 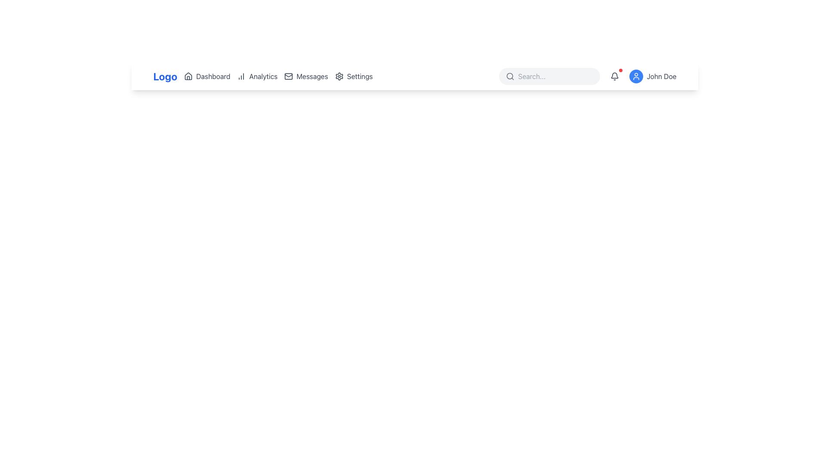 What do you see at coordinates (636, 76) in the screenshot?
I see `the circular blue icon with a white user silhouette located on the right side of the top navigation bar, just before the text label 'John Doe'` at bounding box center [636, 76].